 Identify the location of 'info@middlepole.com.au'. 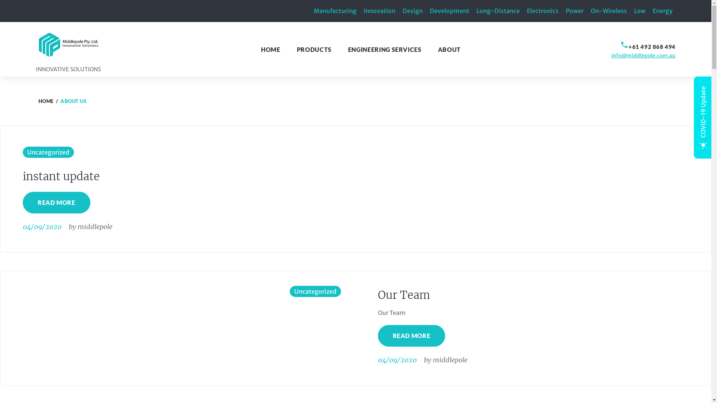
(643, 55).